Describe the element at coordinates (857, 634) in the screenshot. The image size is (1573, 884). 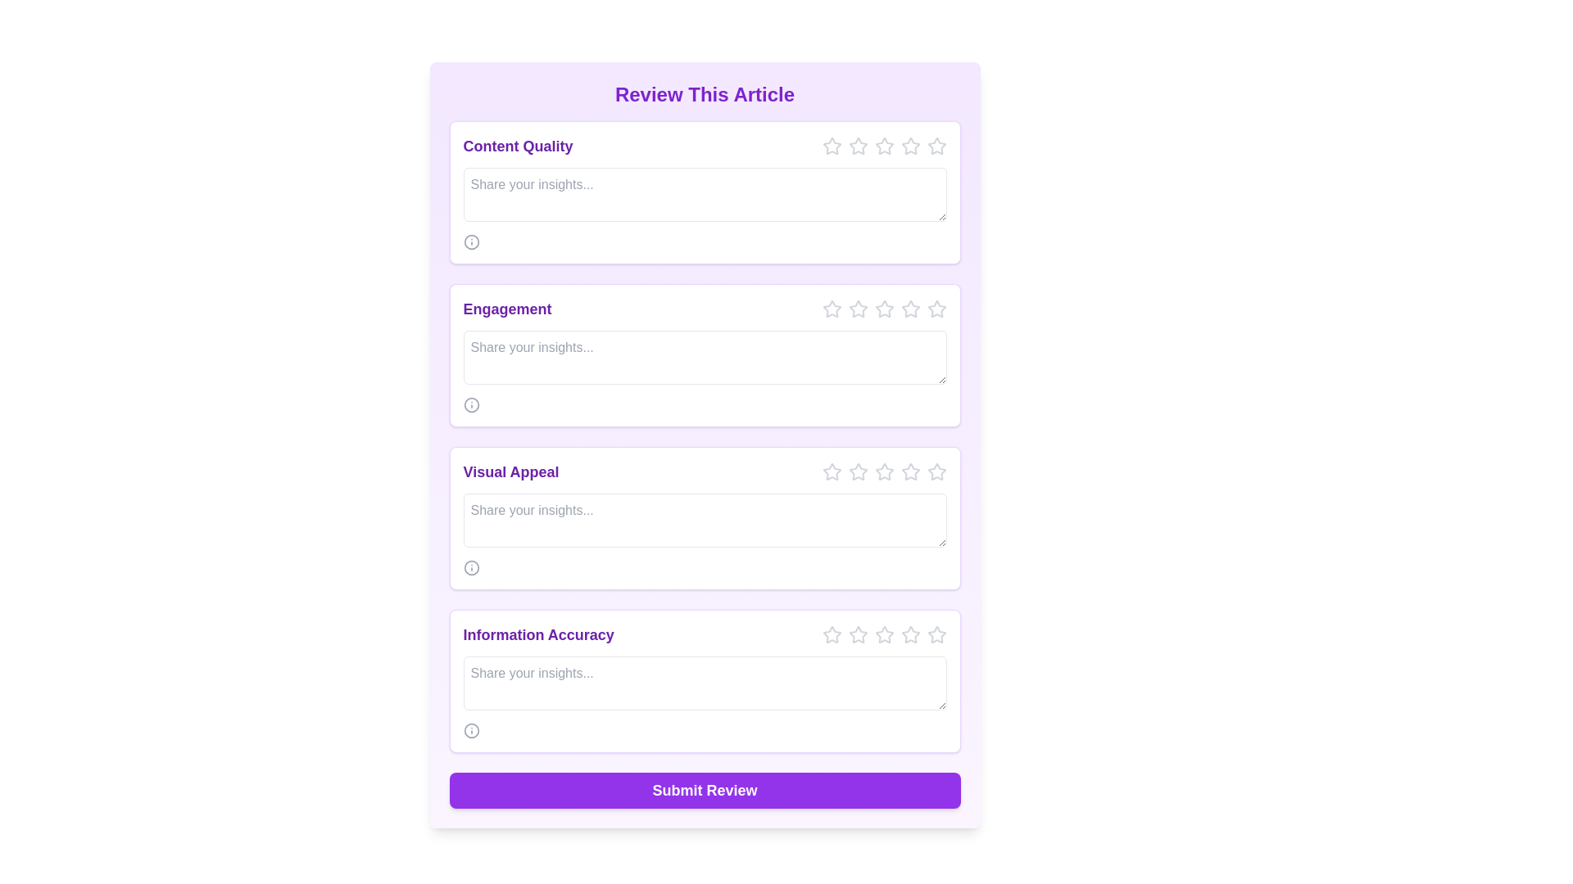
I see `the third star in the 'Information Accuracy' rating section of the 'Review This Article' form` at that location.